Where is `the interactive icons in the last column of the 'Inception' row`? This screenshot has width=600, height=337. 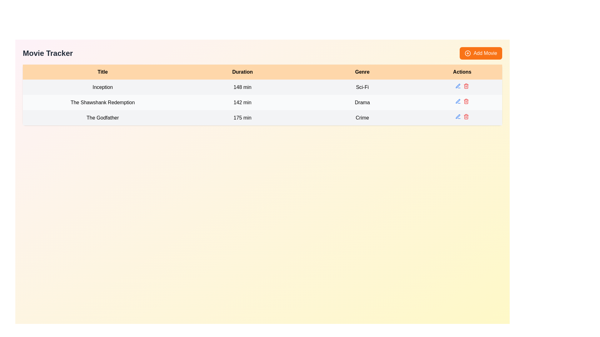 the interactive icons in the last column of the 'Inception' row is located at coordinates (462, 87).